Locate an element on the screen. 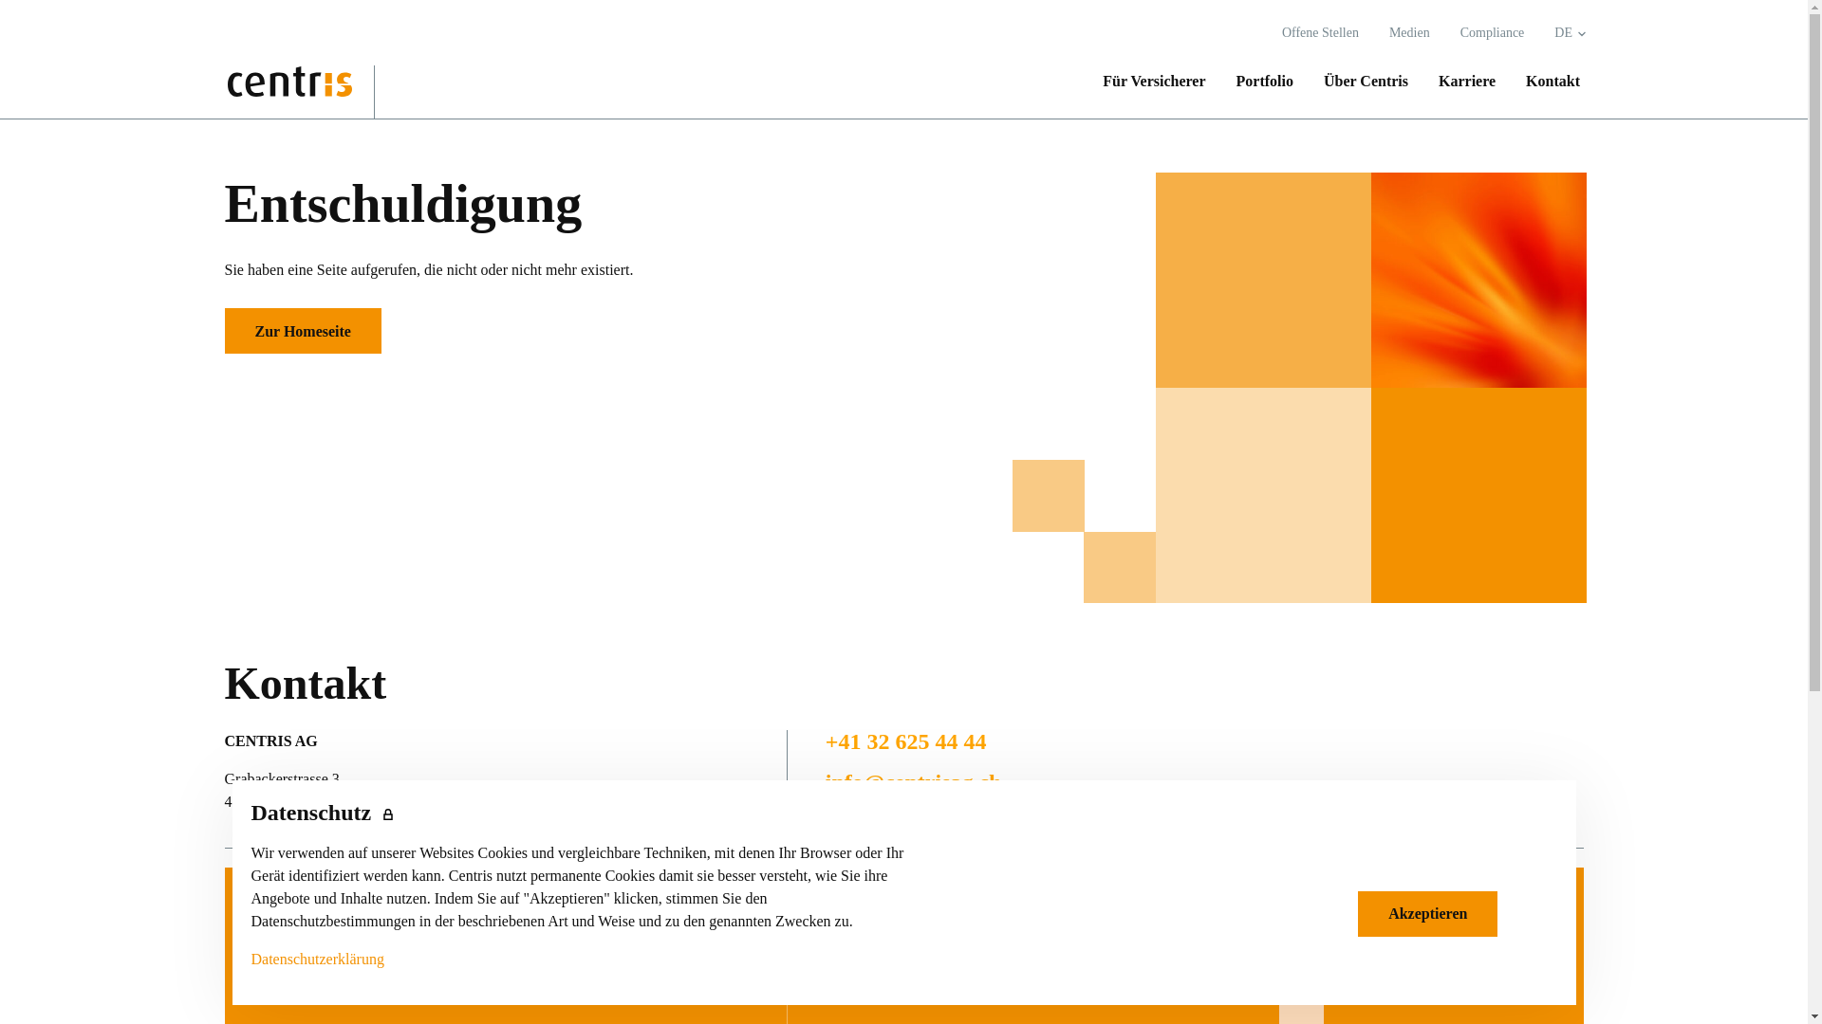  '+41 32 625 44 44' is located at coordinates (905, 741).